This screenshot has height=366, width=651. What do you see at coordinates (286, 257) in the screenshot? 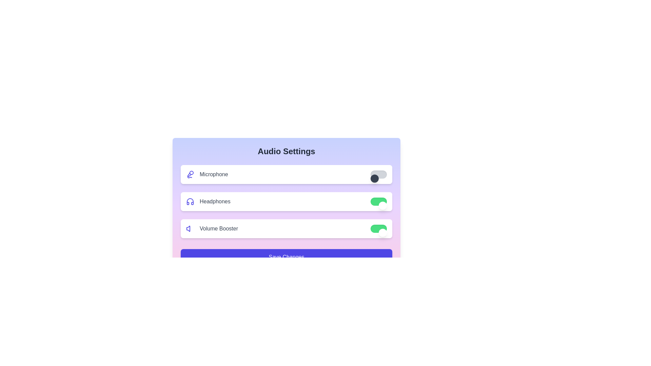
I see `'Save Changes' button to apply the settings` at bounding box center [286, 257].